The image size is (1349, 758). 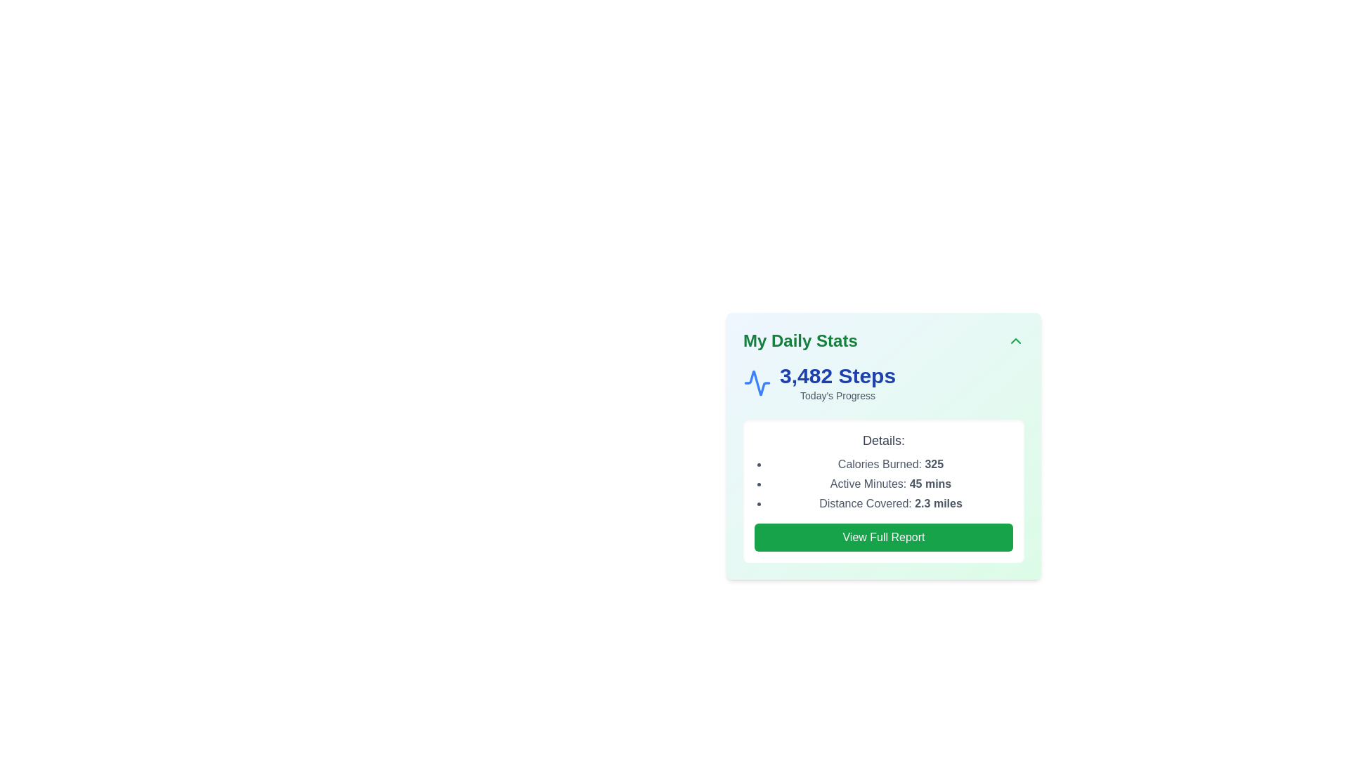 What do you see at coordinates (838, 375) in the screenshot?
I see `the non-interactive text element displaying the step count located in the 'My Daily Stats' card, positioned above 'Today's Progress'` at bounding box center [838, 375].